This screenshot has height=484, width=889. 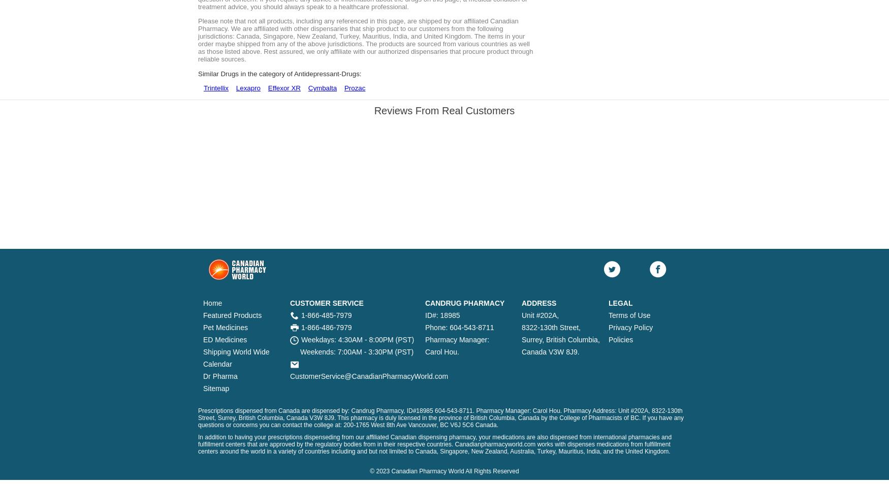 What do you see at coordinates (215, 388) in the screenshot?
I see `'Sitemap'` at bounding box center [215, 388].